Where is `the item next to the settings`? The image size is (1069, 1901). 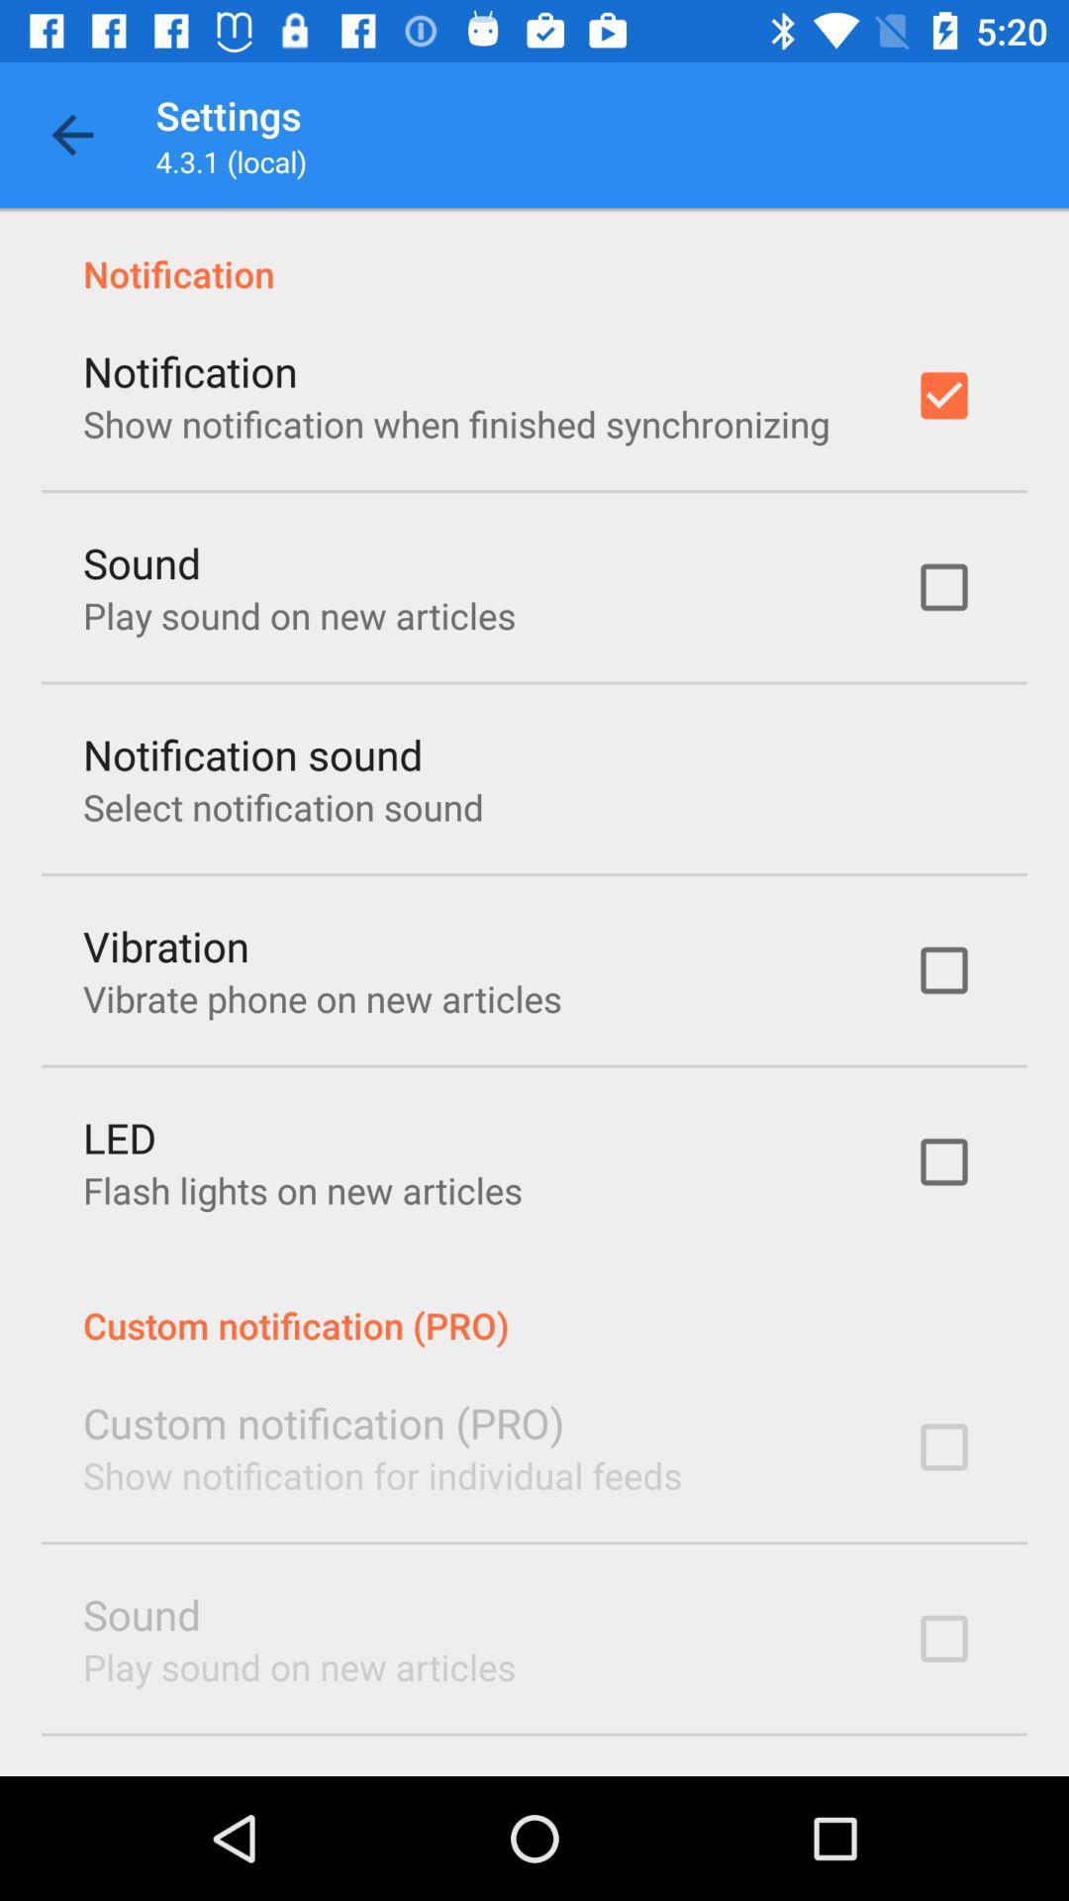 the item next to the settings is located at coordinates (71, 134).